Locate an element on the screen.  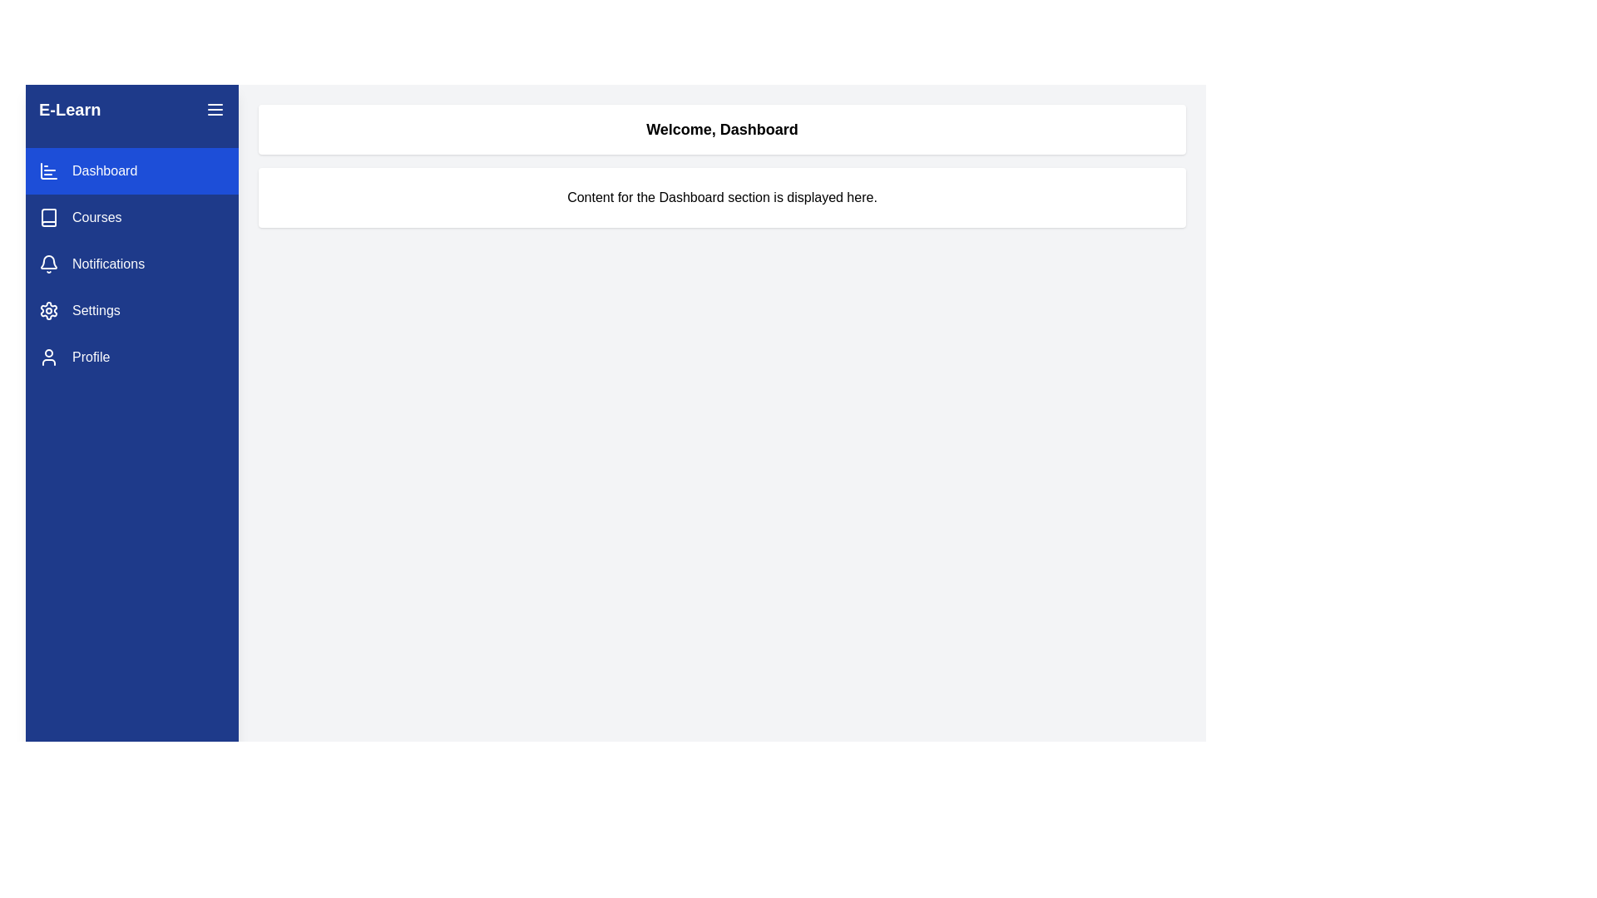
keyboard navigation is located at coordinates (48, 311).